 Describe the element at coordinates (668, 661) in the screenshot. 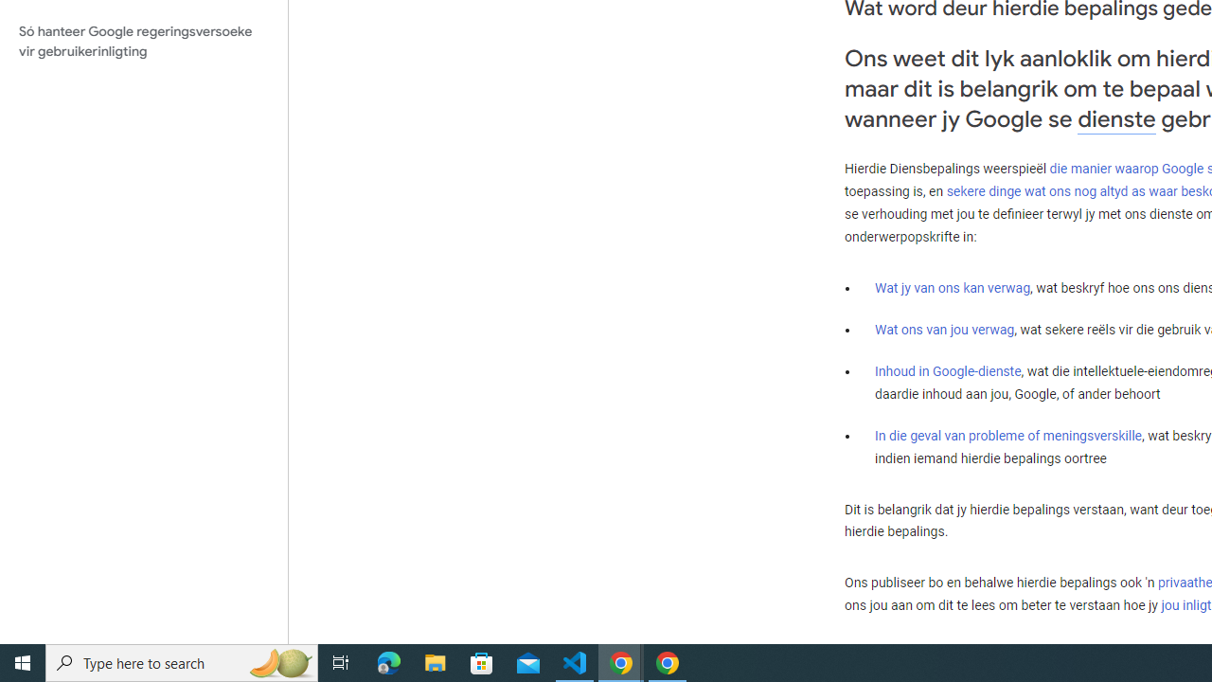

I see `'Google Chrome - 1 running window'` at that location.